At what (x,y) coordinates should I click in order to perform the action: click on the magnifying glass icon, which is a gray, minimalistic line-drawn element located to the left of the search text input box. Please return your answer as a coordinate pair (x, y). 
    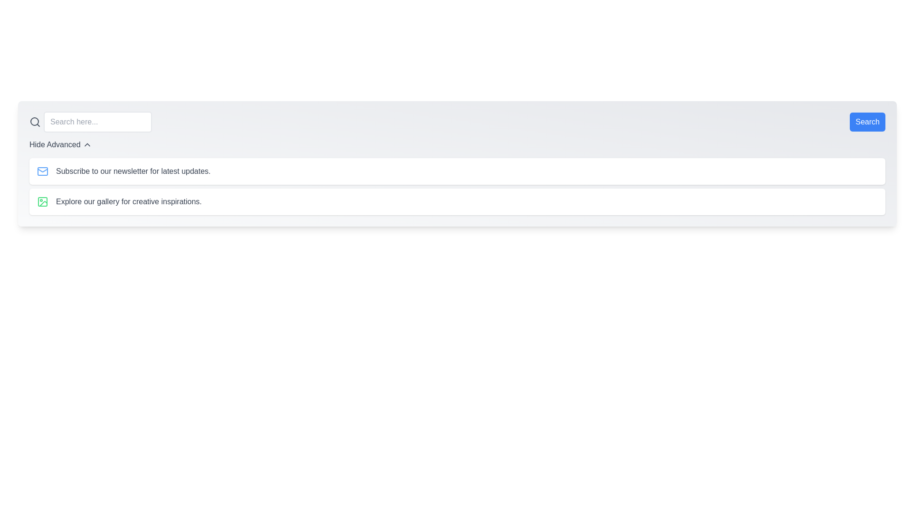
    Looking at the image, I should click on (35, 122).